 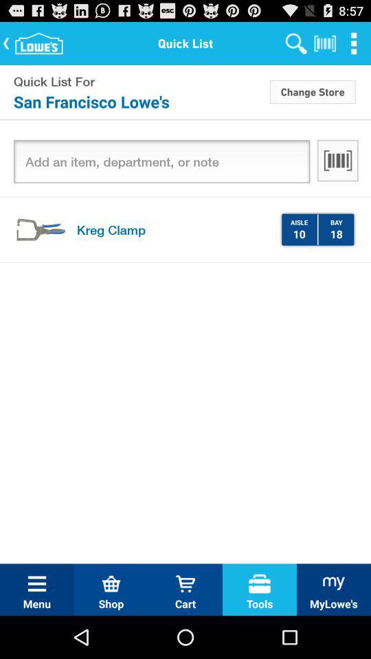 What do you see at coordinates (298, 233) in the screenshot?
I see `item to the right of kreg clamp item` at bounding box center [298, 233].